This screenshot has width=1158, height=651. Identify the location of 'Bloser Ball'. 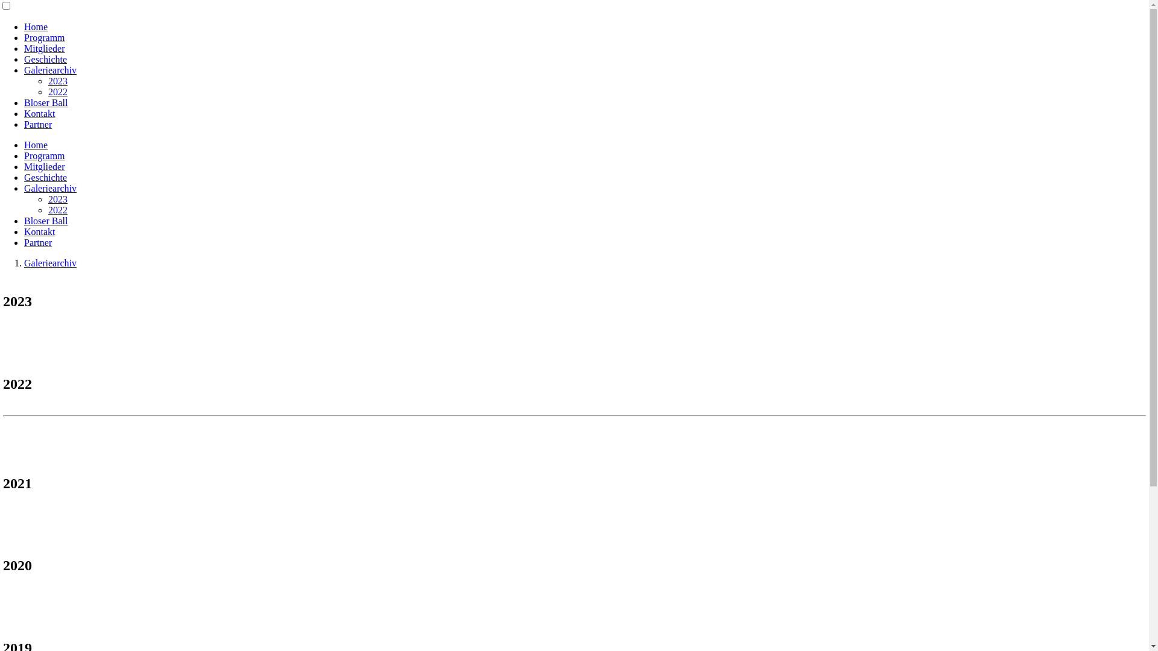
(24, 221).